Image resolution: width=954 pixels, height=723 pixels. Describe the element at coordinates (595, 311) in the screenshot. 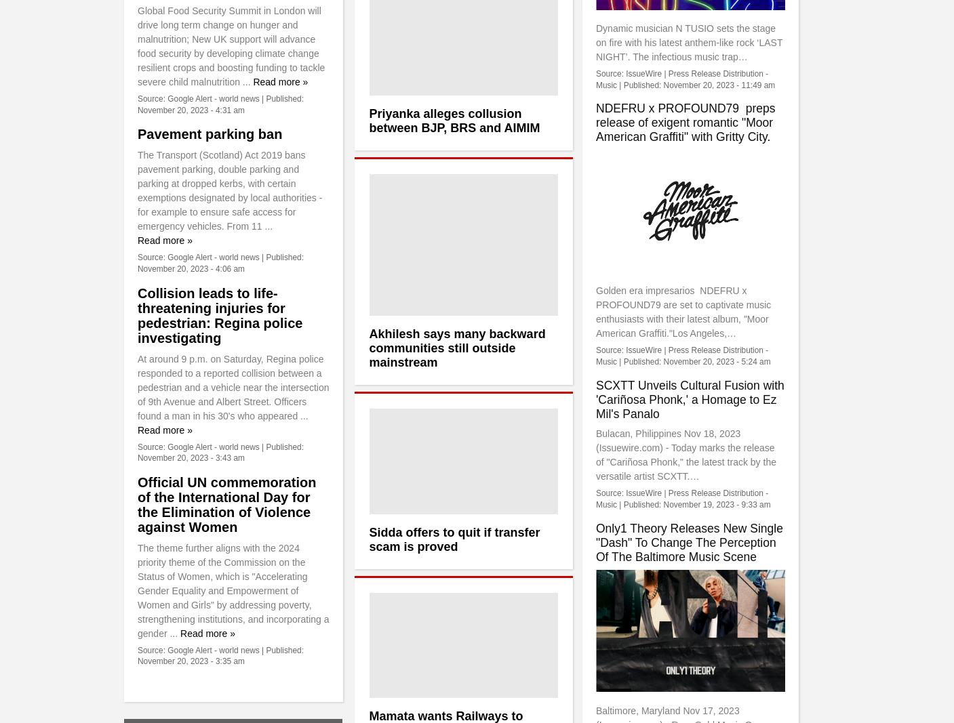

I see `'Golden era impresarios  NDEFRU x PROFOUND79 are set to captivate music enthusiasts with their latest album, "Moor American Graffiti."Los Angeles,…'` at that location.